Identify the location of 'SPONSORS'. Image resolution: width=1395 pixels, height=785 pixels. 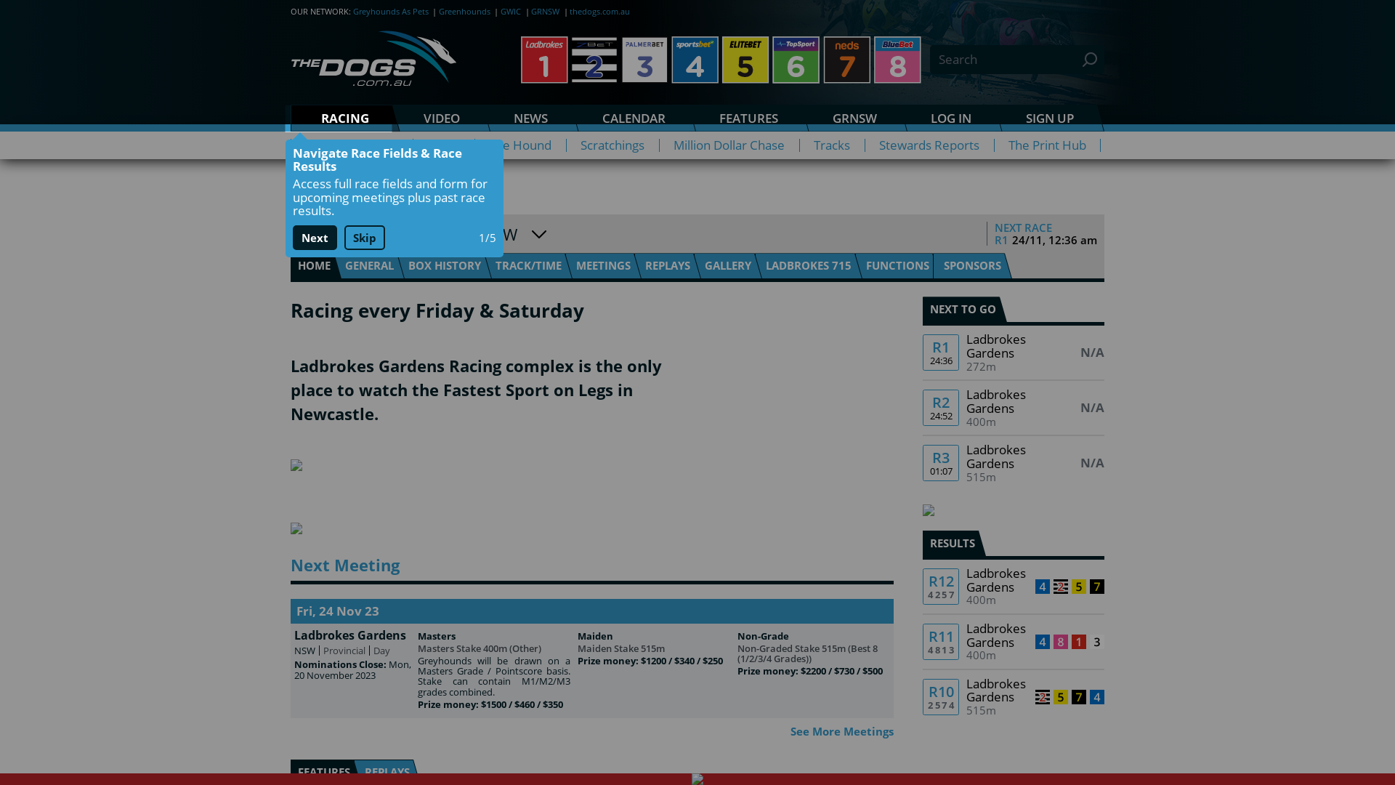
(932, 265).